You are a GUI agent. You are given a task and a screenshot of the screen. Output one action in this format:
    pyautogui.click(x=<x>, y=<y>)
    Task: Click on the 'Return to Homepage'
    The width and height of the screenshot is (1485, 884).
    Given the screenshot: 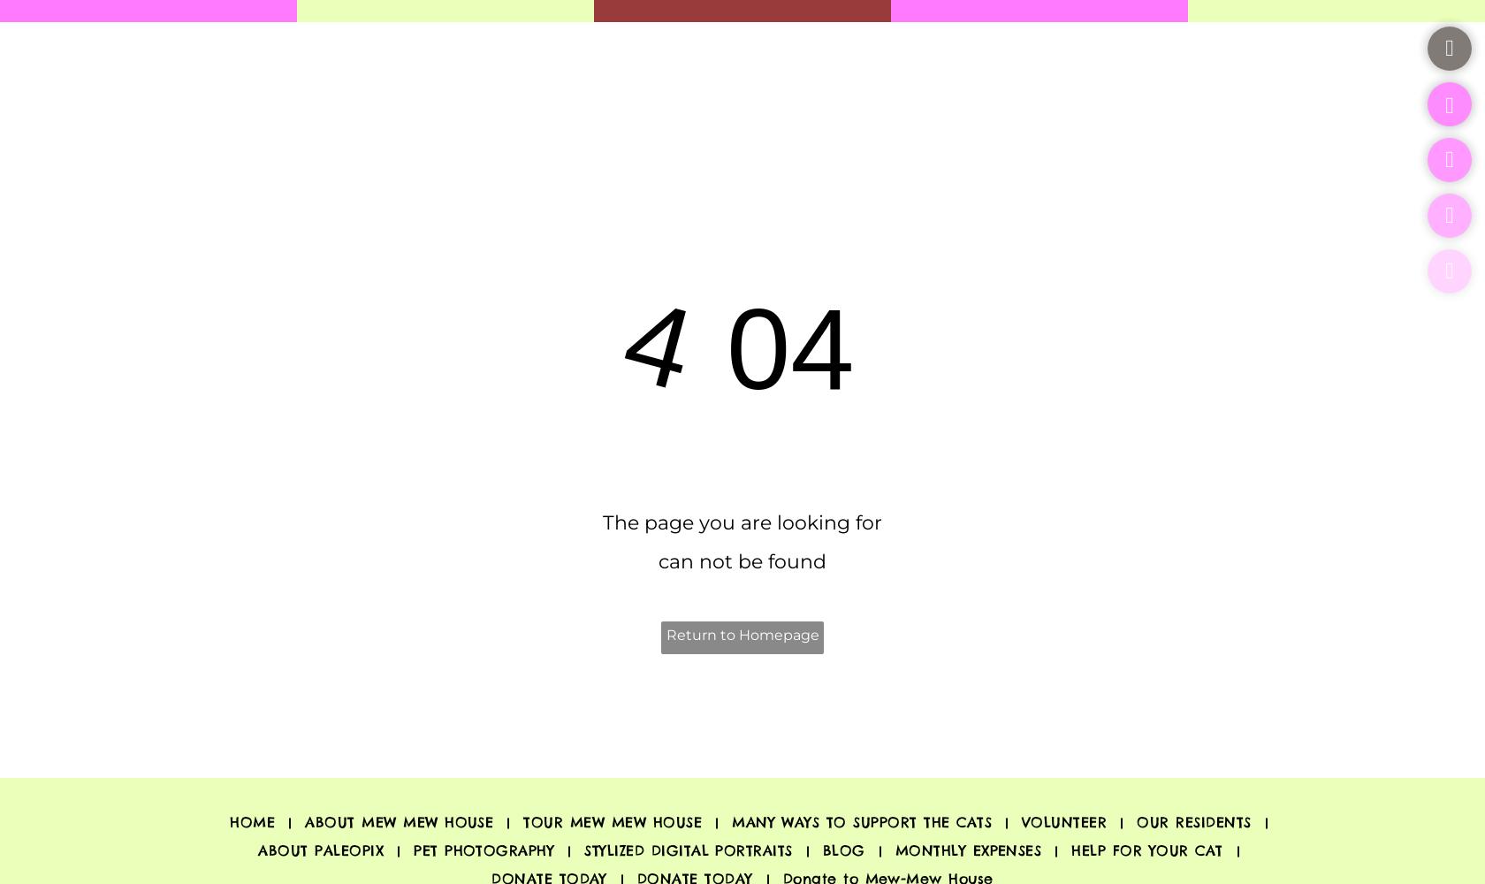 What is the action you would take?
    pyautogui.click(x=742, y=634)
    